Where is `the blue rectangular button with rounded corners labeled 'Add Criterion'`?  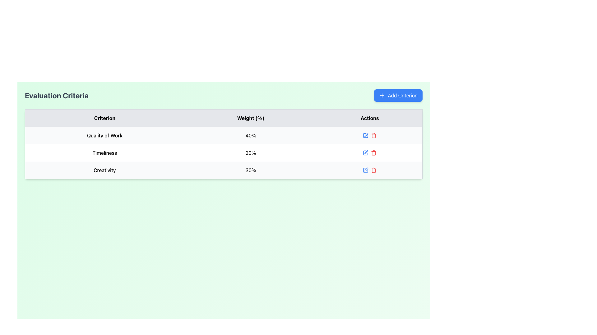
the blue rectangular button with rounded corners labeled 'Add Criterion' is located at coordinates (398, 96).